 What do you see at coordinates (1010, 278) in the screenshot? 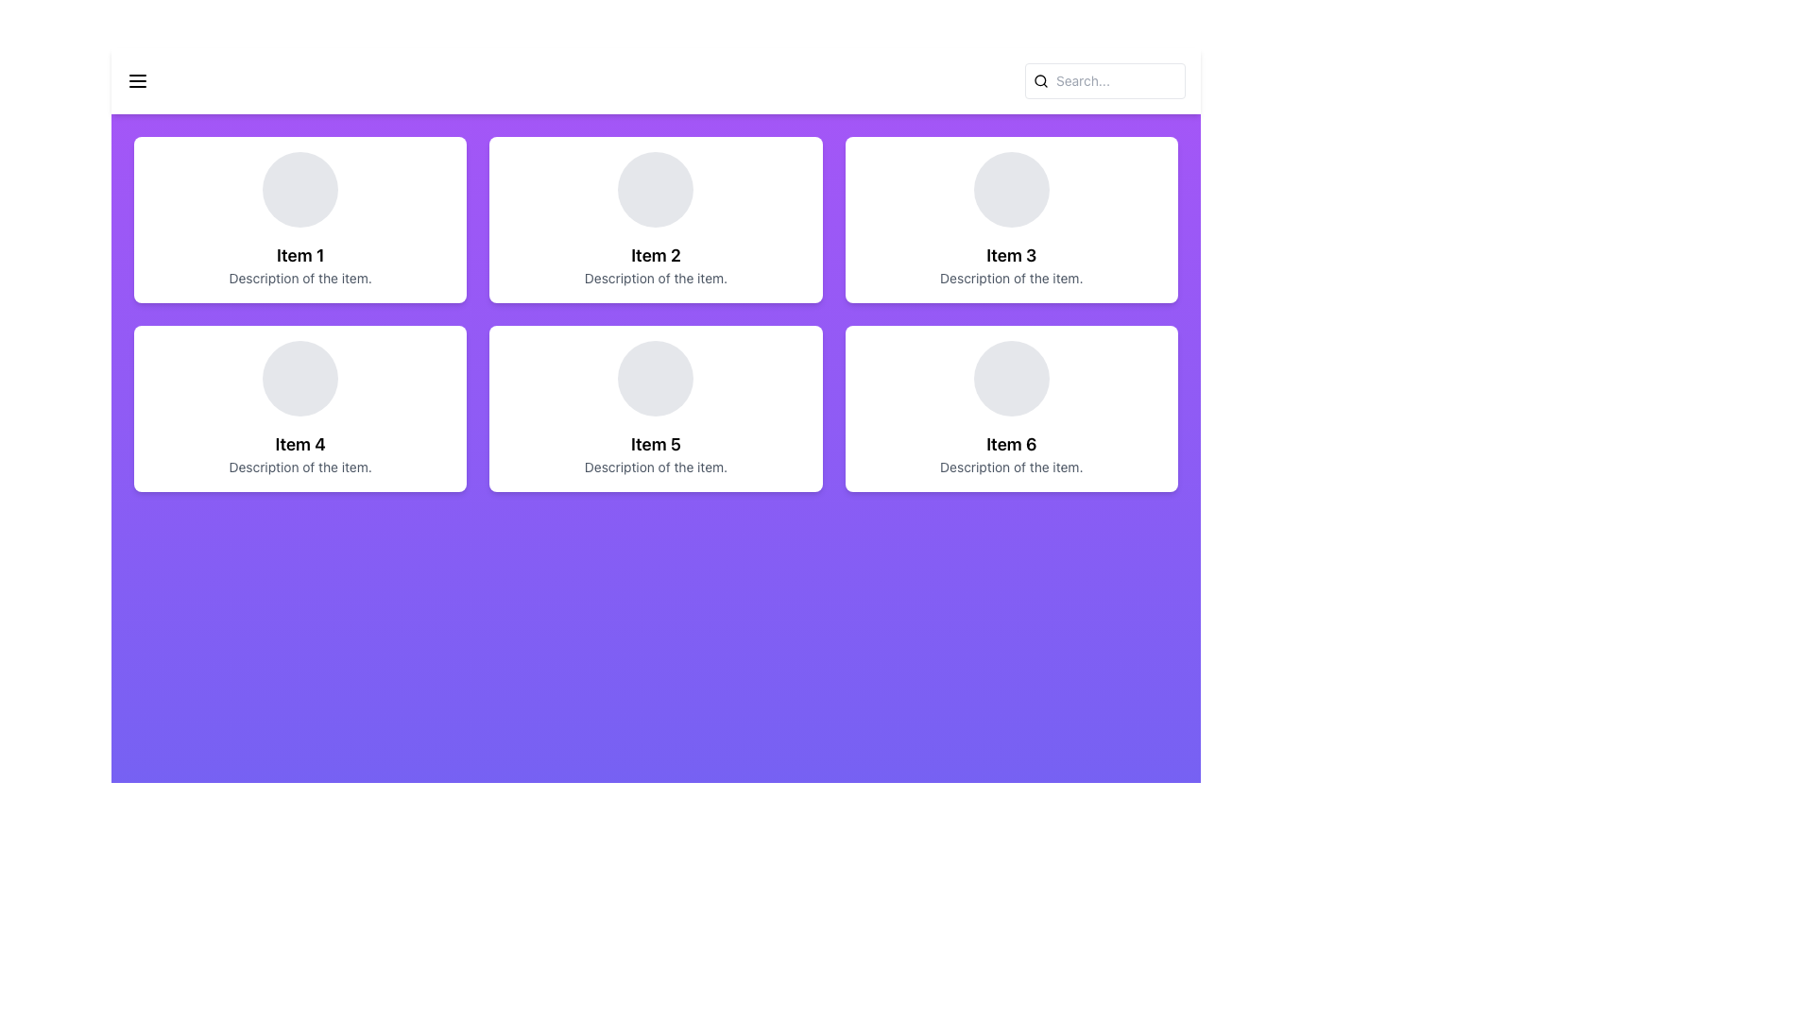
I see `text label providing additional information about 'Item 3', located at the bottom of the corresponding card in the top-right corner of the grid` at bounding box center [1010, 278].